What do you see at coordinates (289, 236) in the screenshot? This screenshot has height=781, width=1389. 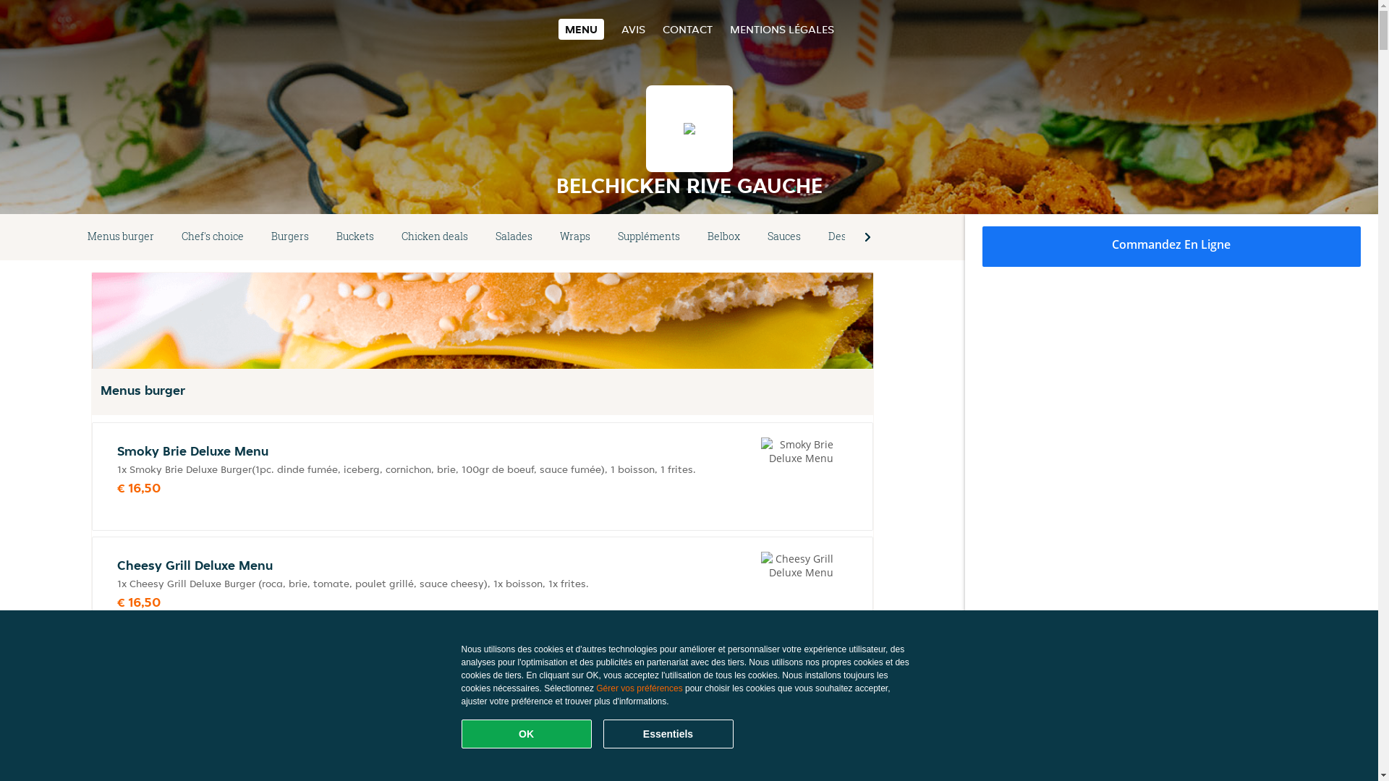 I see `'Burgers'` at bounding box center [289, 236].